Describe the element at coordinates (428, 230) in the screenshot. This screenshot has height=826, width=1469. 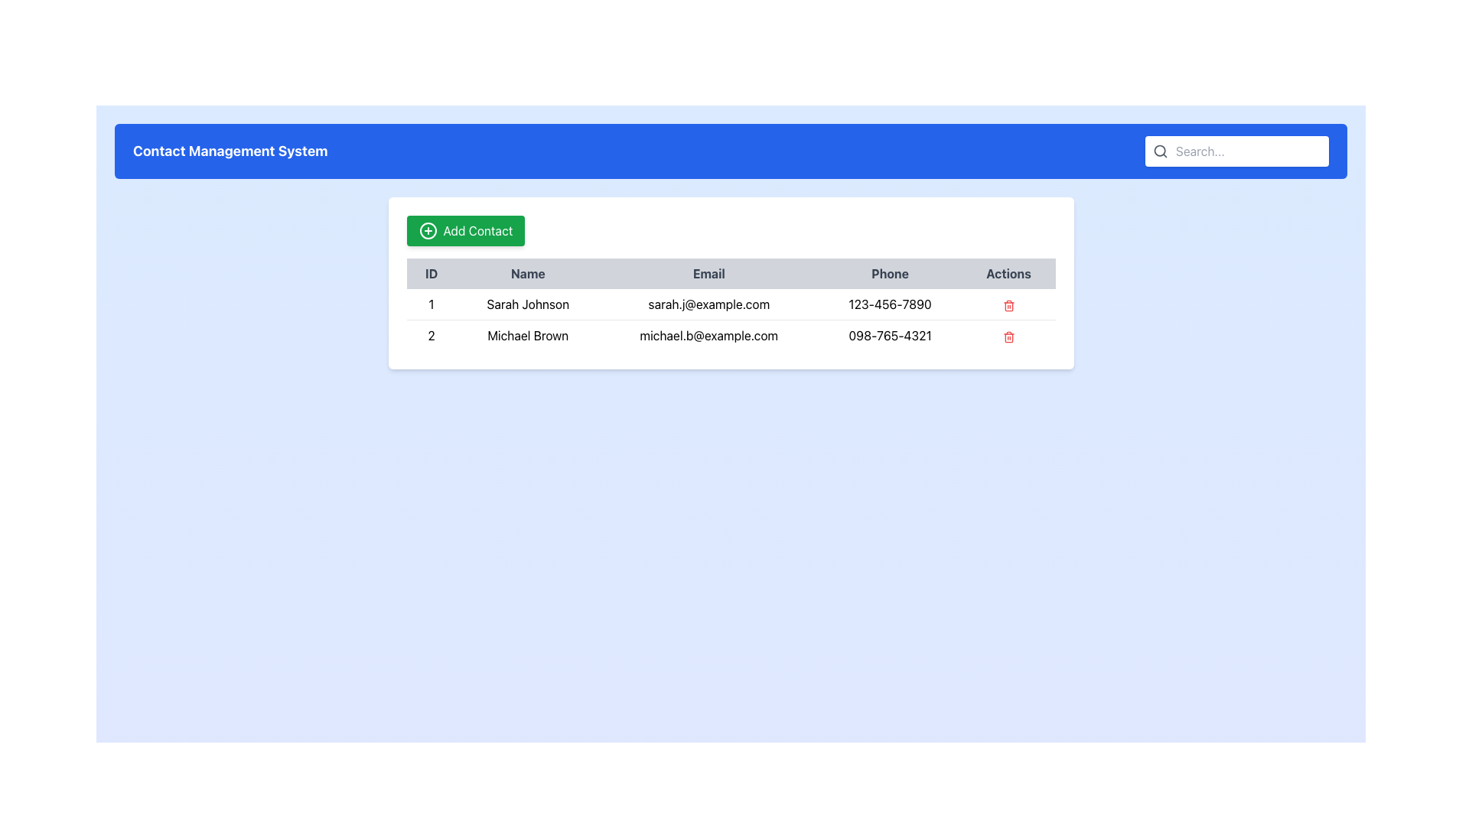
I see `the 'Add Contact' icon located on the left side of the button in the top-left corner of the table box` at that location.